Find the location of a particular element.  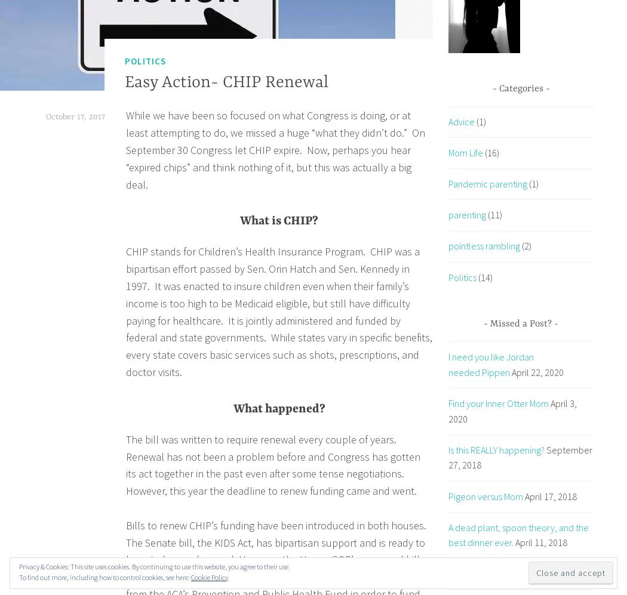

'What happened?' is located at coordinates (279, 408).